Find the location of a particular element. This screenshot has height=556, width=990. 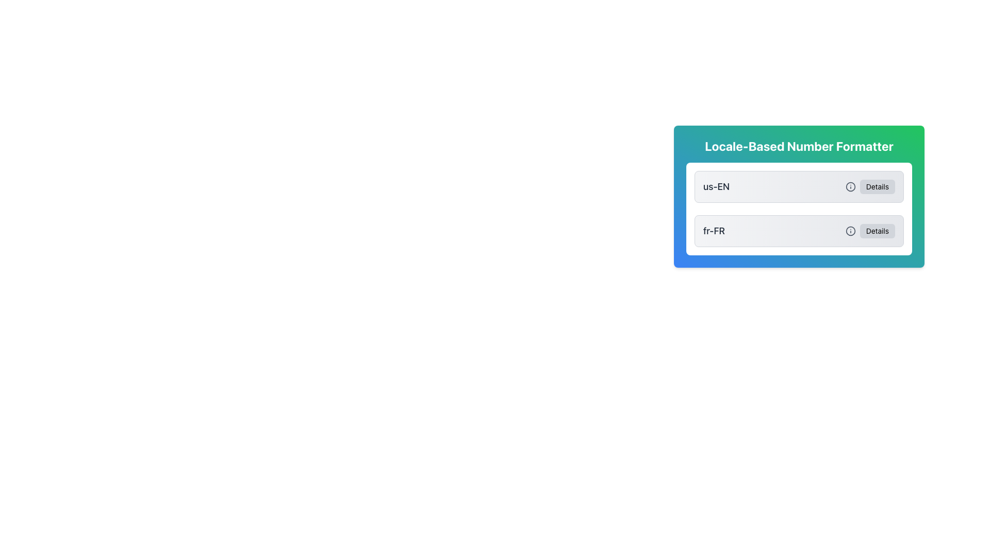

the circular graphic element within the SVG icon located next to the 'fr-FR' label, which is part of the 'Details' button is located at coordinates (850, 230).